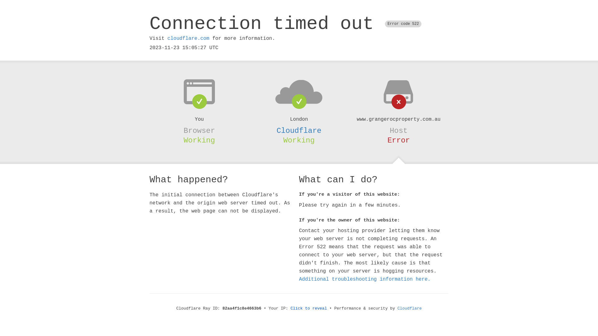  What do you see at coordinates (397, 308) in the screenshot?
I see `'Cloudflare'` at bounding box center [397, 308].